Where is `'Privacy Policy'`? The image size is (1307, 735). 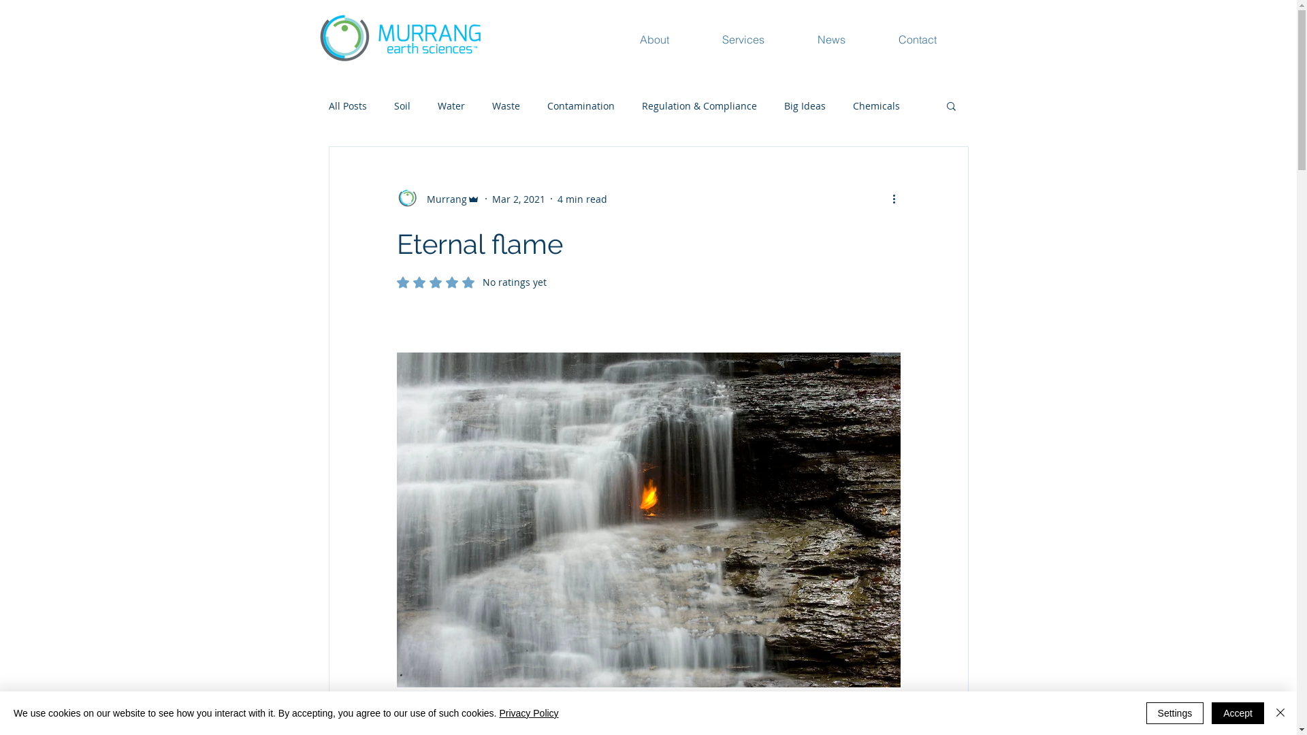 'Privacy Policy' is located at coordinates (498, 713).